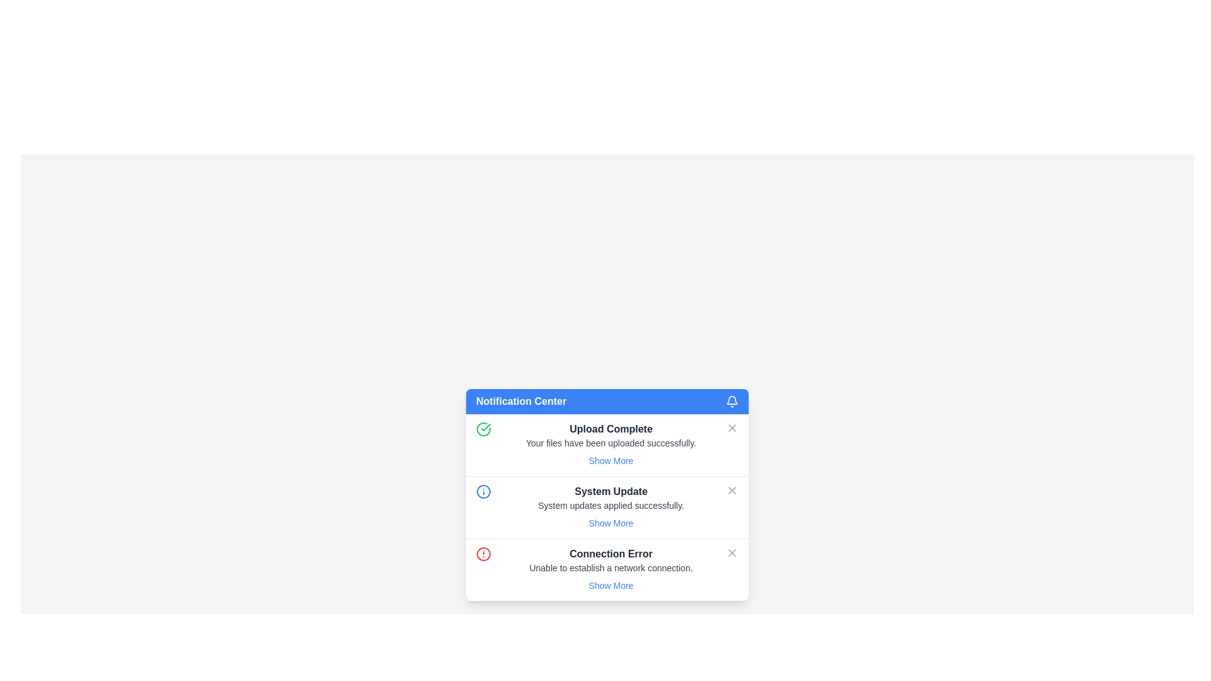  Describe the element at coordinates (611, 554) in the screenshot. I see `the text label that serves as a title for the error notification, located in the third notification card, between 'System Update' and 'Show More'` at that location.